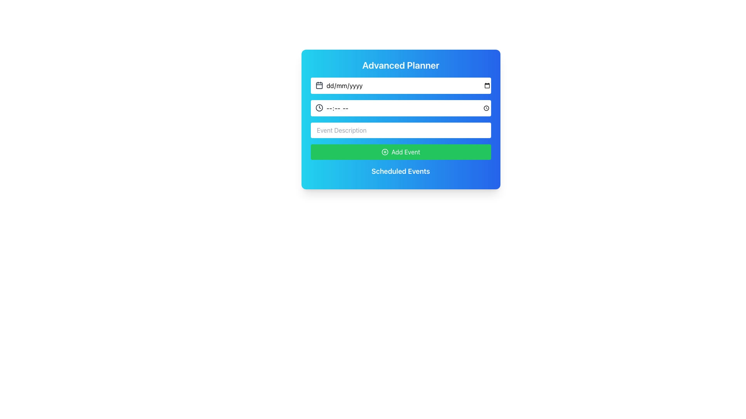  Describe the element at coordinates (401, 65) in the screenshot. I see `the text label that serves as a title or heading for the advanced planning feature section, which is centrally aligned at the top of the card-like layout` at that location.